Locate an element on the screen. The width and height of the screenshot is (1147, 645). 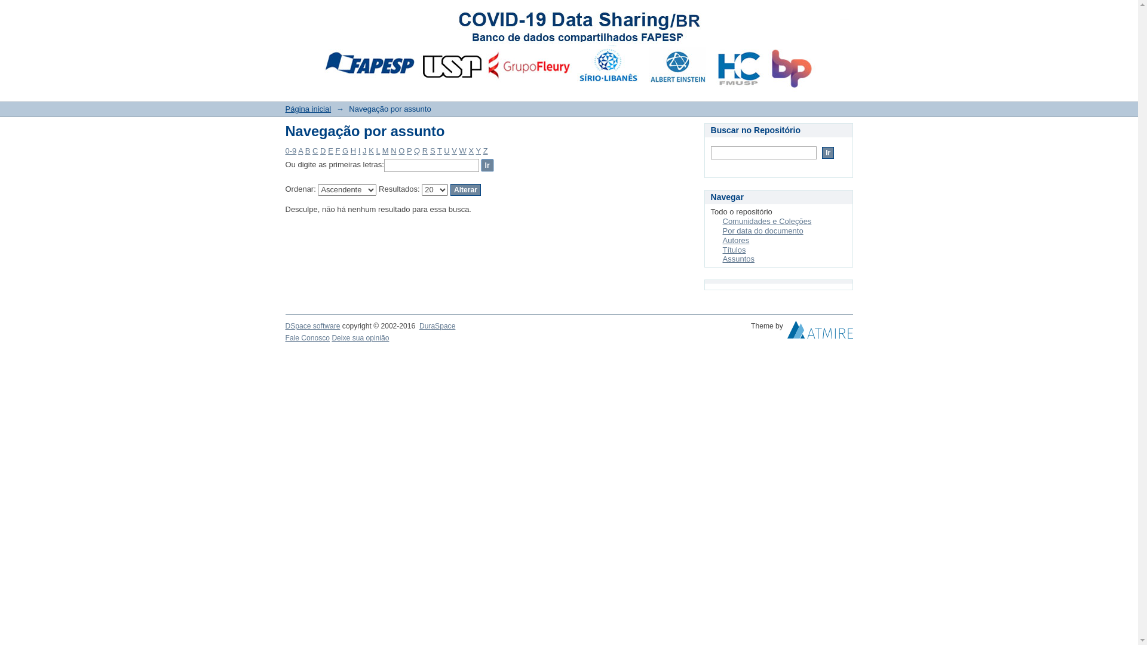
'DSpace software' is located at coordinates (285, 326).